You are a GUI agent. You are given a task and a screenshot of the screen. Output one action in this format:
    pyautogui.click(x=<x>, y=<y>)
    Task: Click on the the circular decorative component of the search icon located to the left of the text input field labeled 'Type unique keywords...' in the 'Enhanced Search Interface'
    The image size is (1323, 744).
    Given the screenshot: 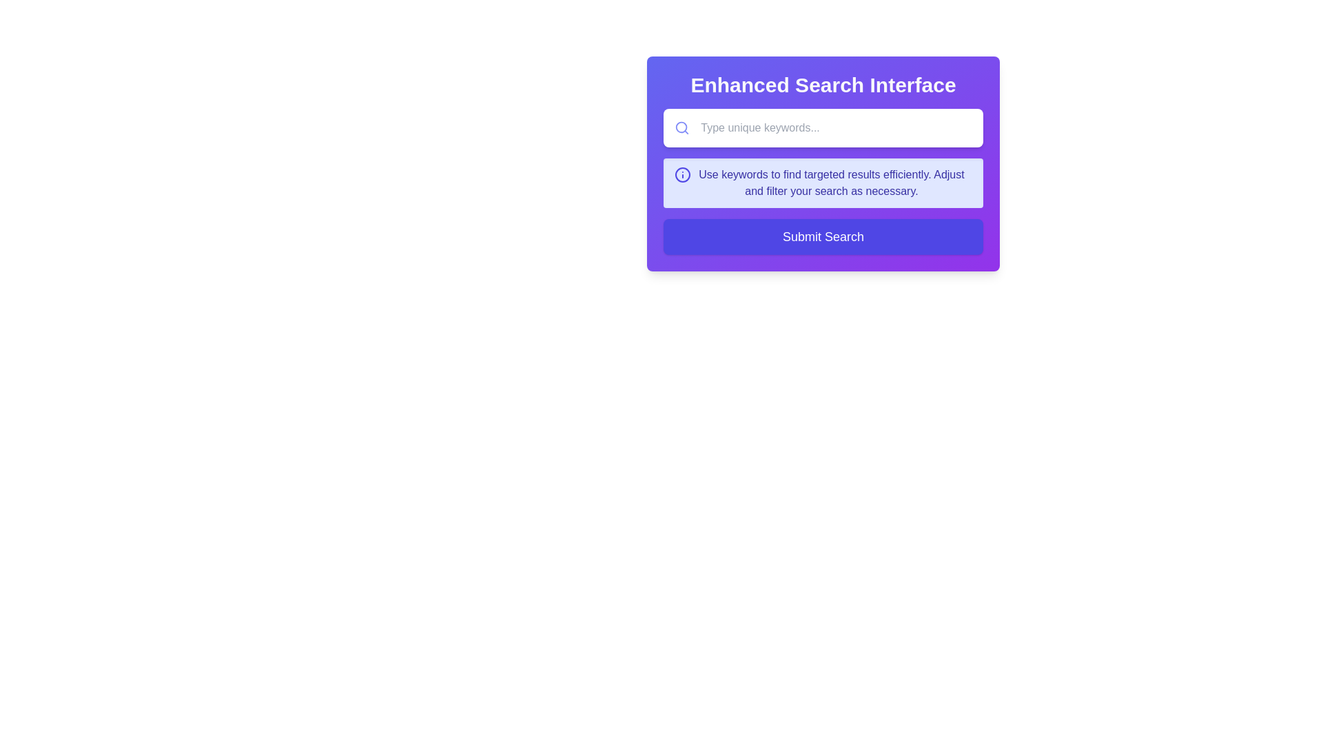 What is the action you would take?
    pyautogui.click(x=681, y=127)
    